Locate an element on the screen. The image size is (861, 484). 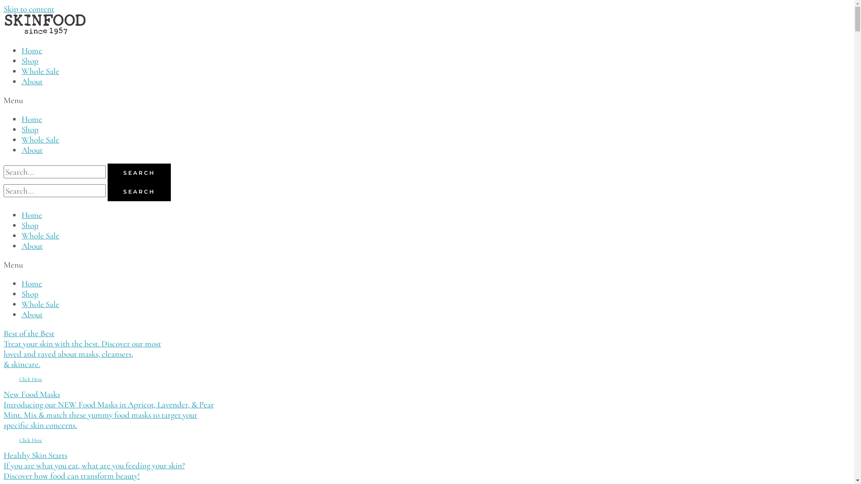
'SEARCH' is located at coordinates (139, 191).